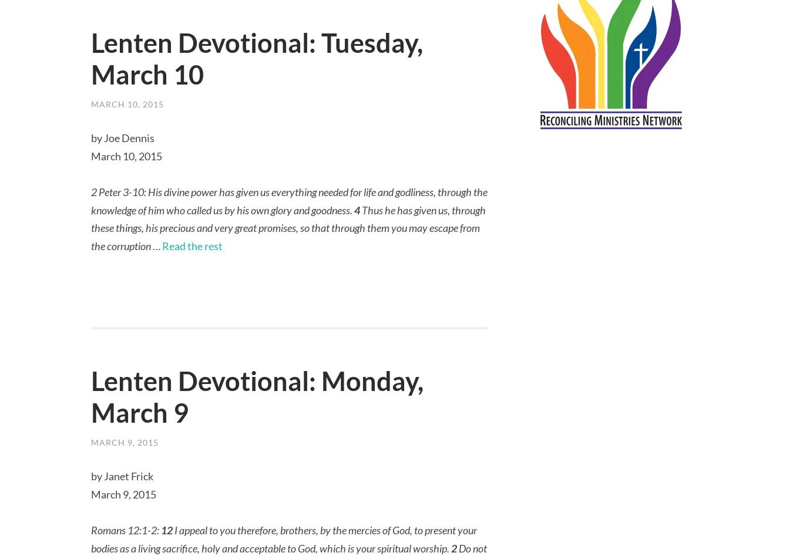  I want to click on 'Lenten Devotional: Tuesday, March 10', so click(257, 58).